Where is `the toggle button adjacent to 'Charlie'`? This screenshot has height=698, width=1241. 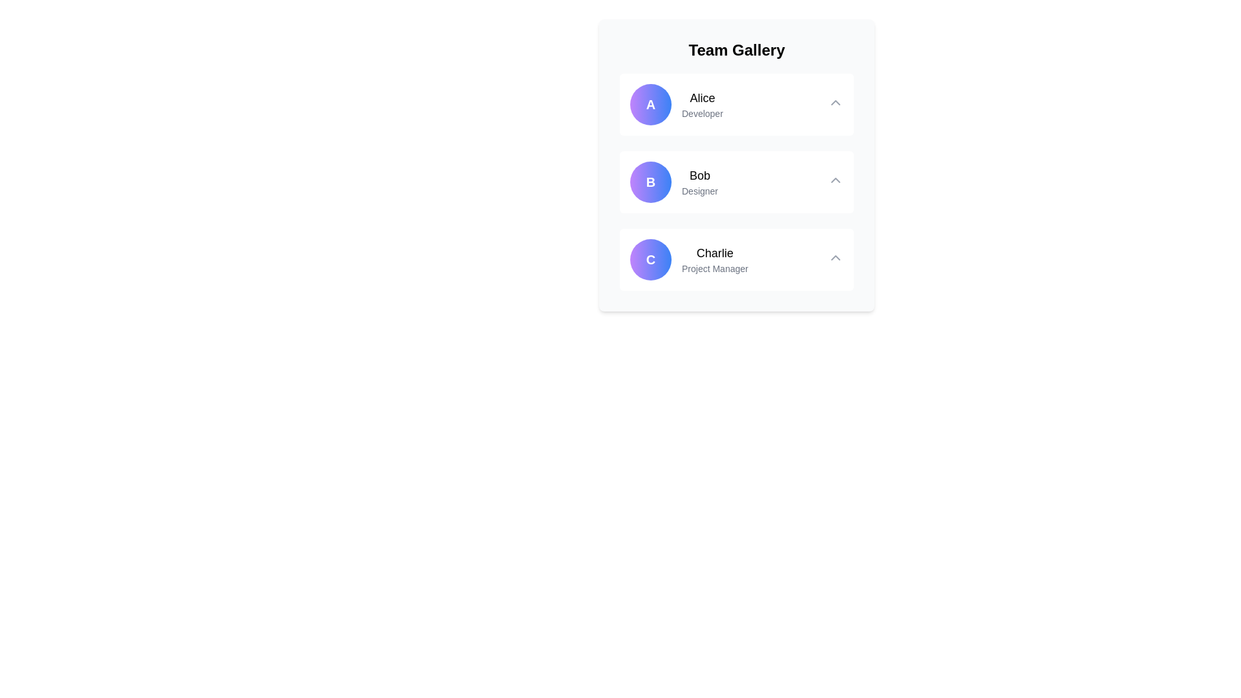 the toggle button adjacent to 'Charlie' is located at coordinates (835, 257).